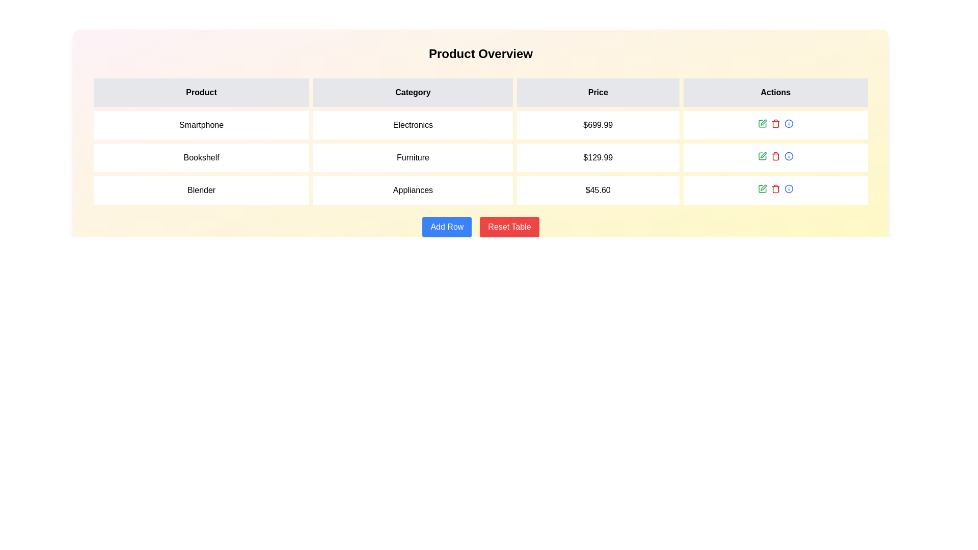 The height and width of the screenshot is (550, 978). Describe the element at coordinates (775, 123) in the screenshot. I see `the red trash-can icon in the 'Actions' column for the 'Bookshelf' row` at that location.